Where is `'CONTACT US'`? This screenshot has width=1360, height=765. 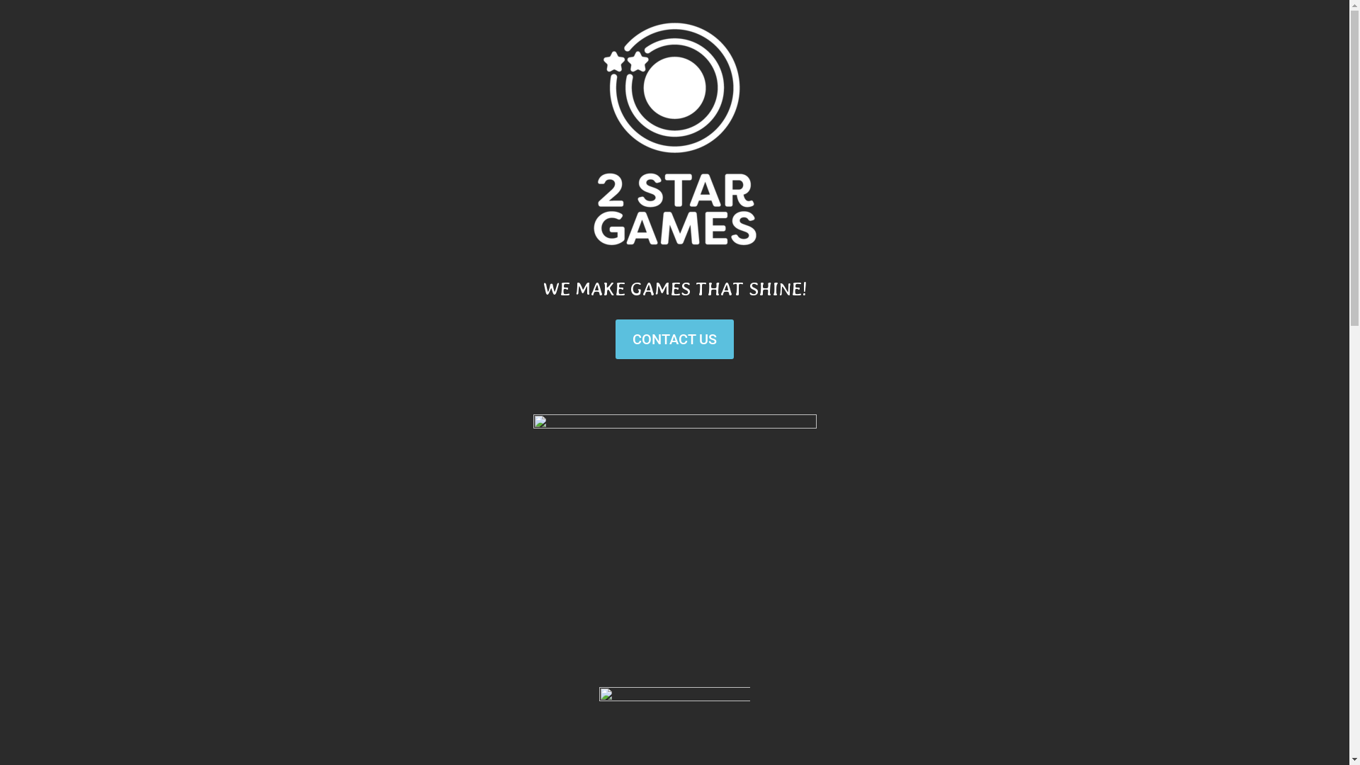 'CONTACT US' is located at coordinates (674, 339).